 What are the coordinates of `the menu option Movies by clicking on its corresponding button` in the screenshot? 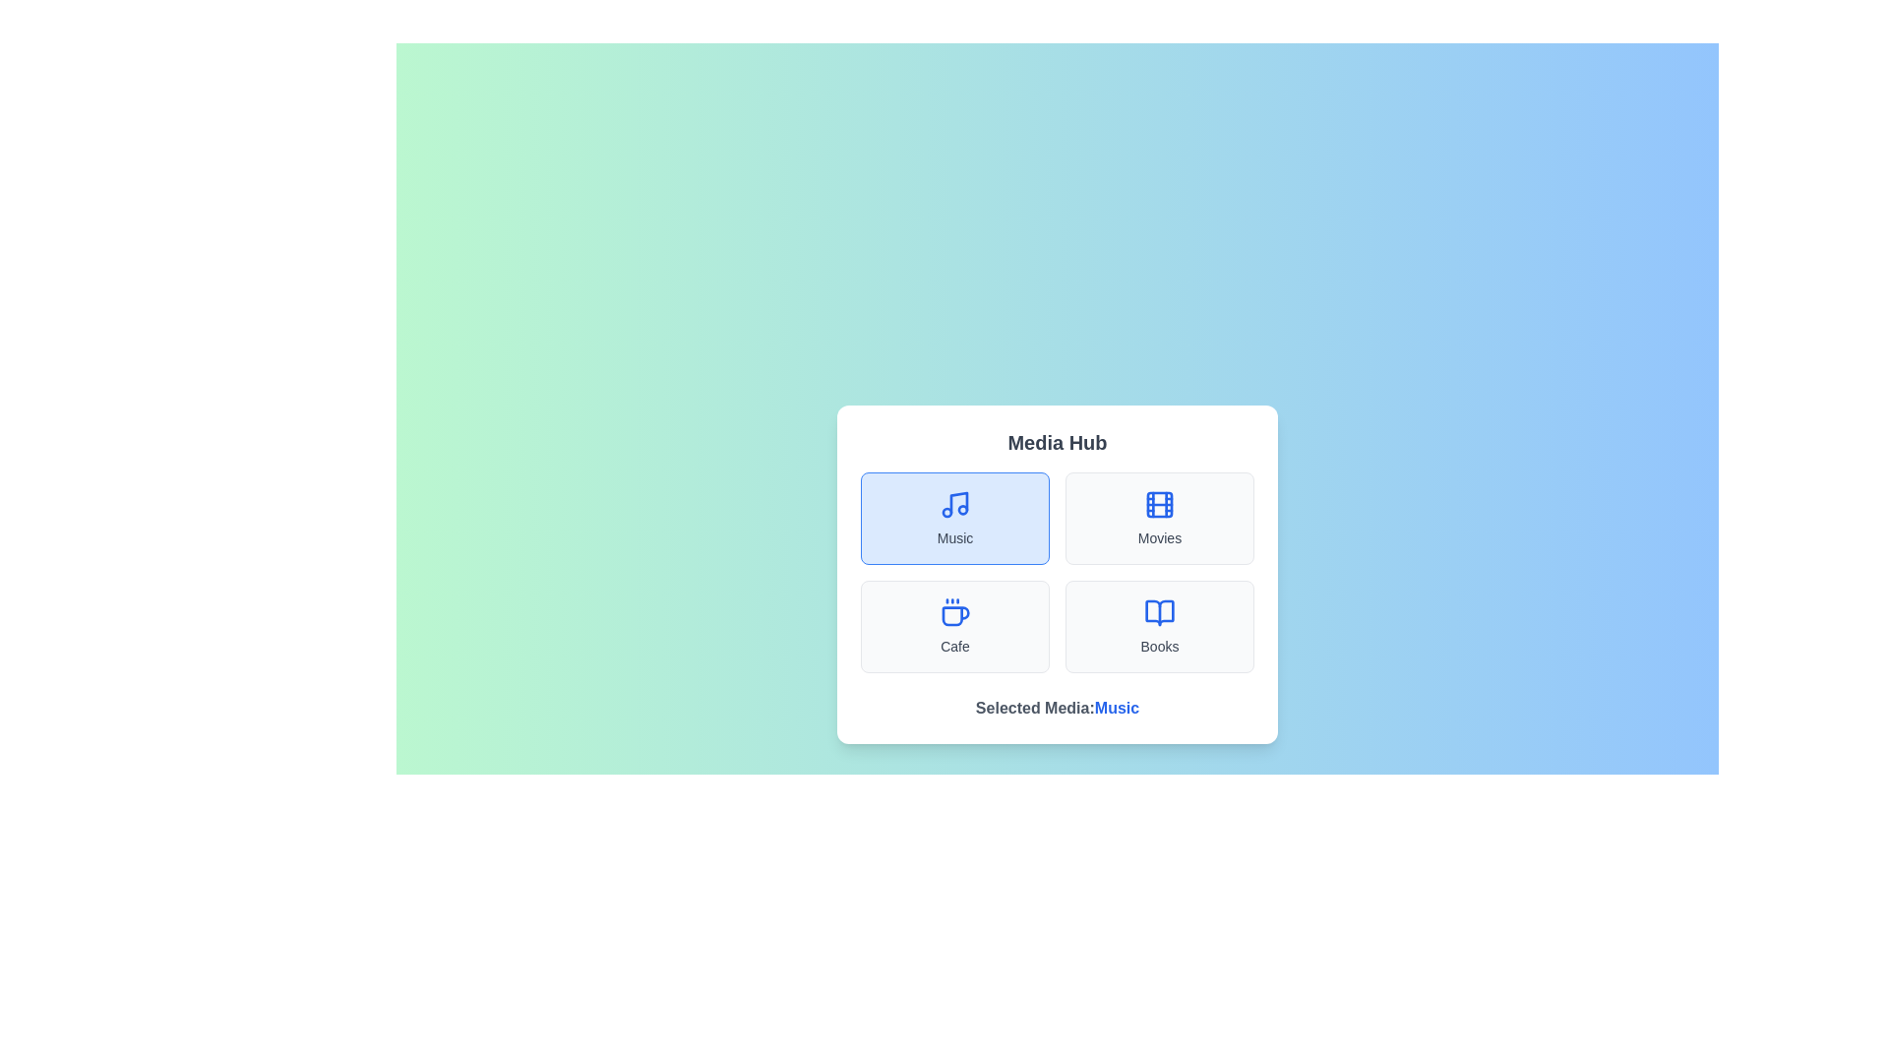 It's located at (1160, 518).